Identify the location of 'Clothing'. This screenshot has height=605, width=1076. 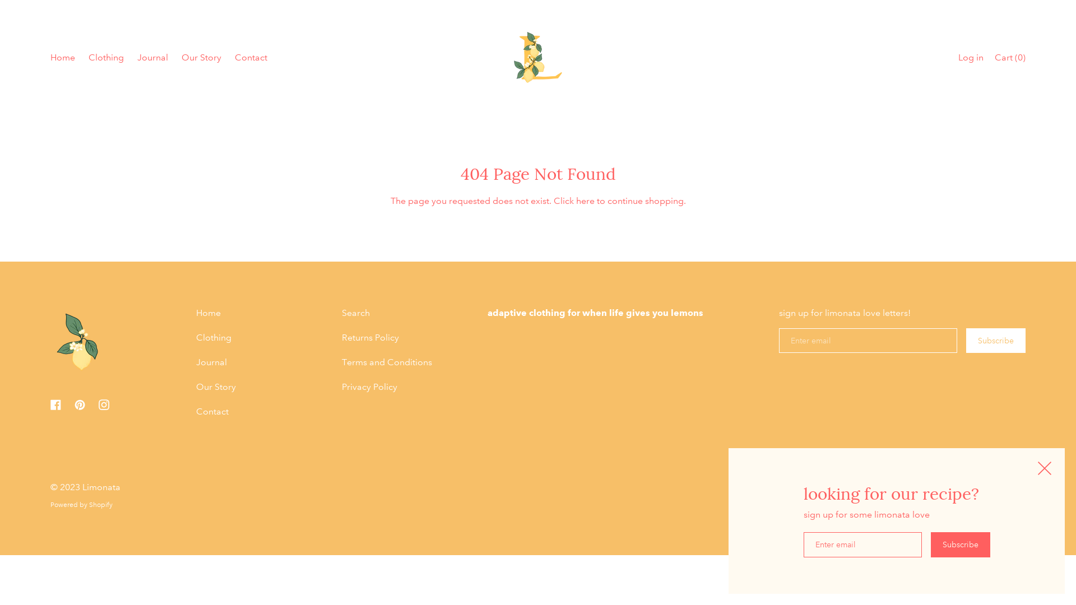
(106, 58).